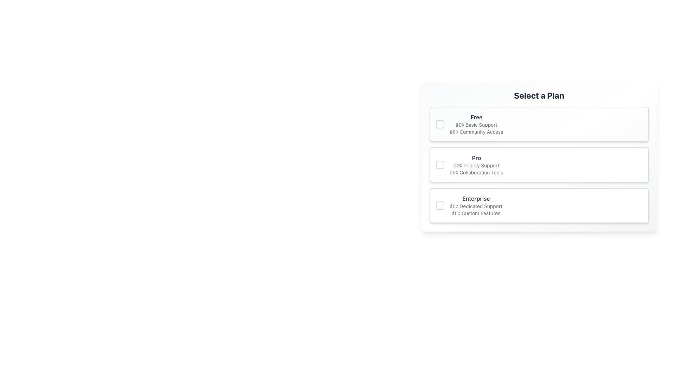 The height and width of the screenshot is (379, 675). I want to click on text component that summarizes the 'Free' plan, which includes benefits such as 'Basic Support' and 'Community Access', so click(476, 124).